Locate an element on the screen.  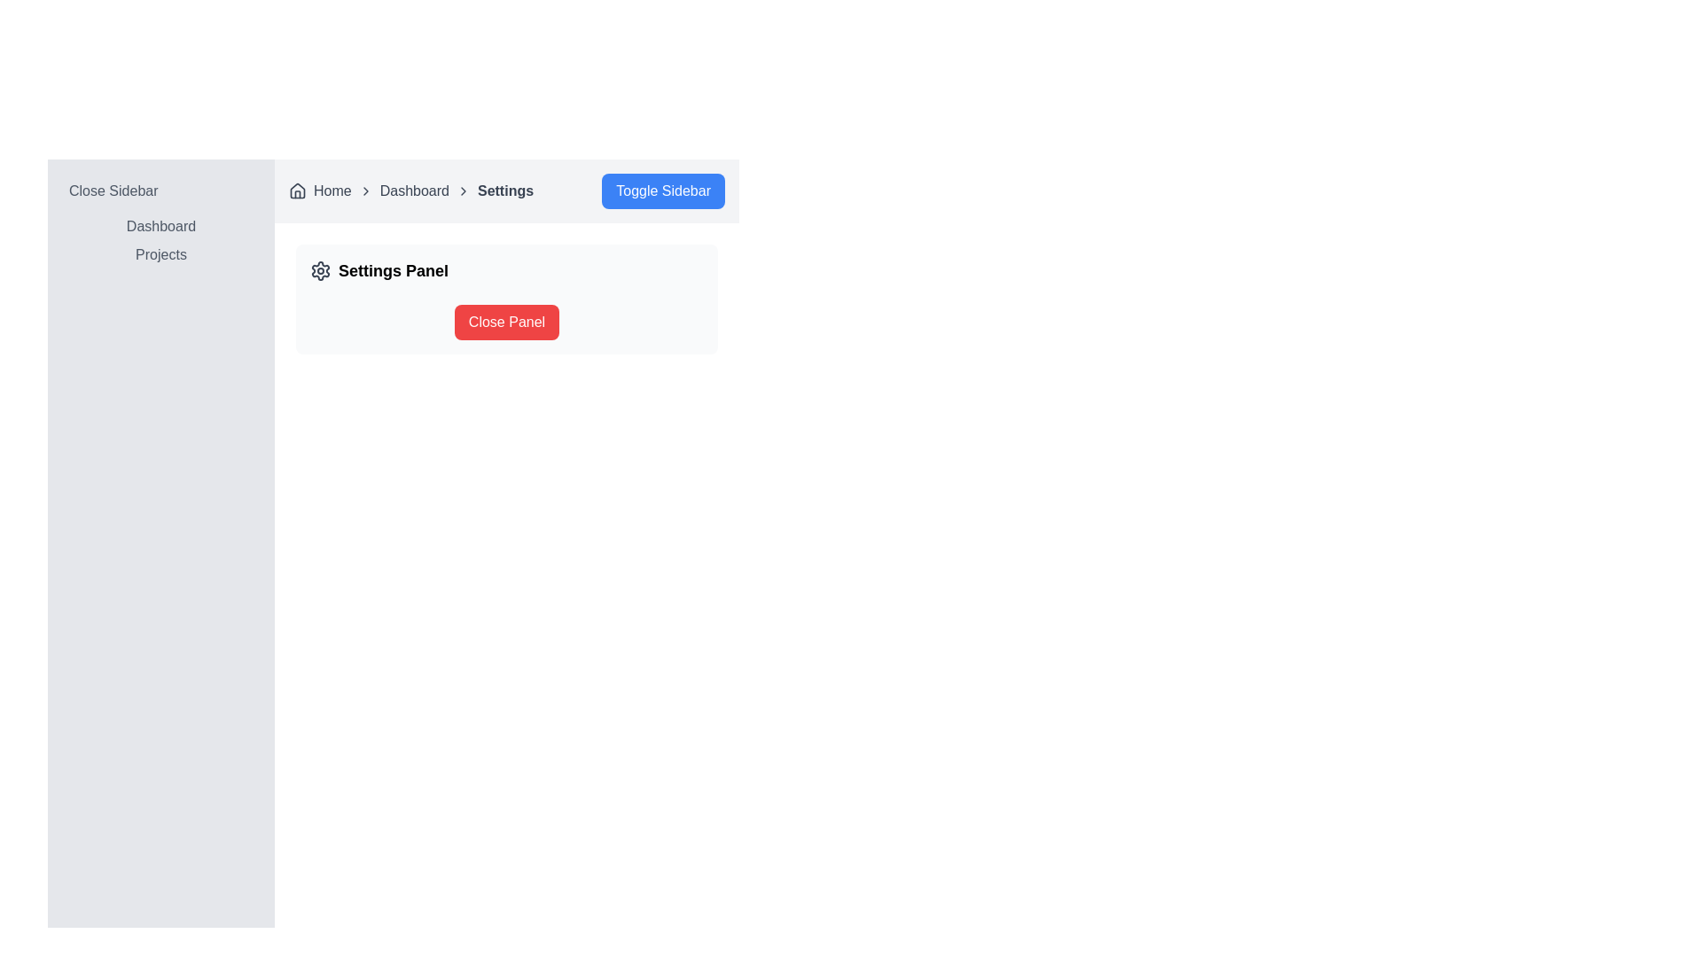
the gear icon located in the settings panel header, positioned to the left of the text 'Settings Panel' is located at coordinates (320, 270).